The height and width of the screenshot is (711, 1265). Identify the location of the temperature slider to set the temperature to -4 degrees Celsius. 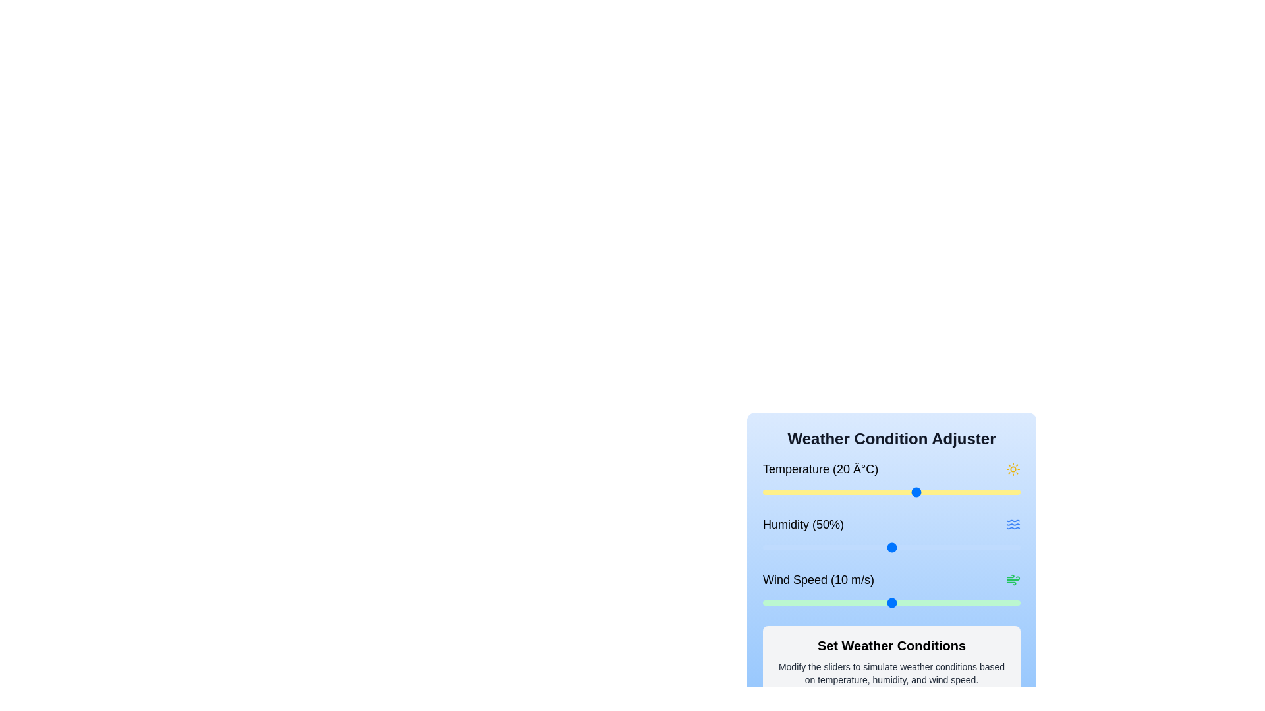
(793, 492).